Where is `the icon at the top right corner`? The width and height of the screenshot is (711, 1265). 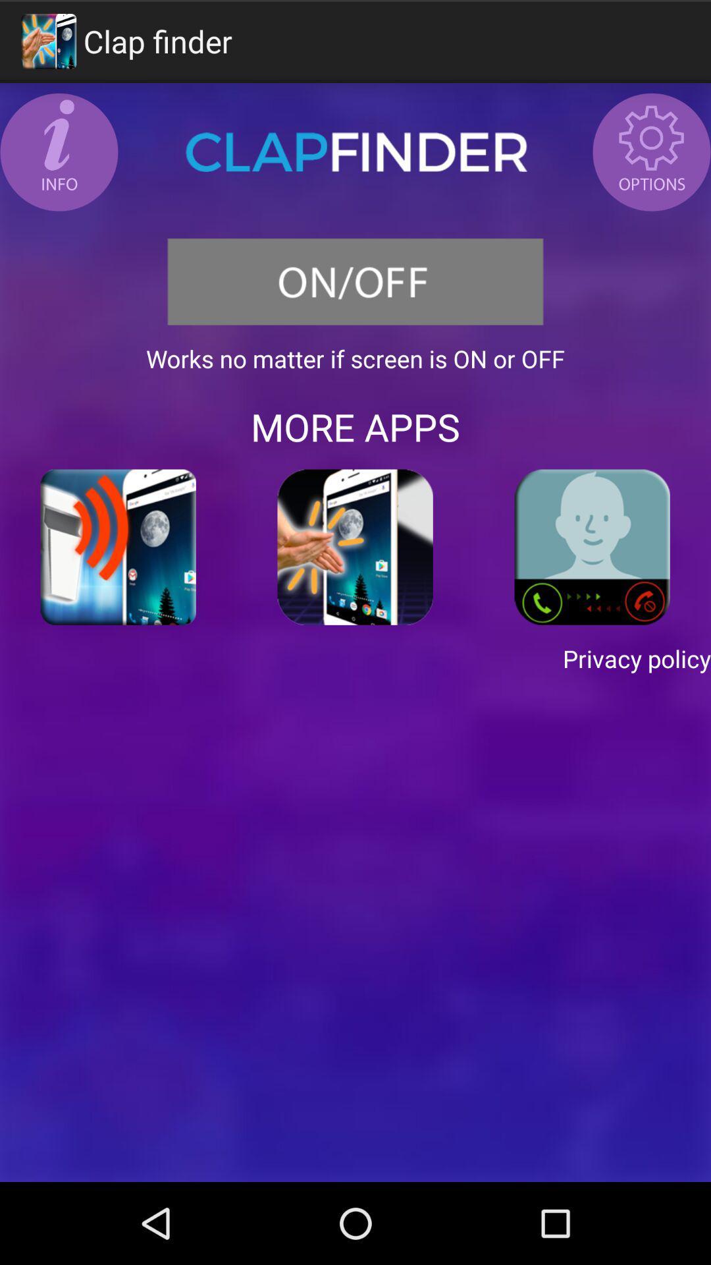
the icon at the top right corner is located at coordinates (652, 152).